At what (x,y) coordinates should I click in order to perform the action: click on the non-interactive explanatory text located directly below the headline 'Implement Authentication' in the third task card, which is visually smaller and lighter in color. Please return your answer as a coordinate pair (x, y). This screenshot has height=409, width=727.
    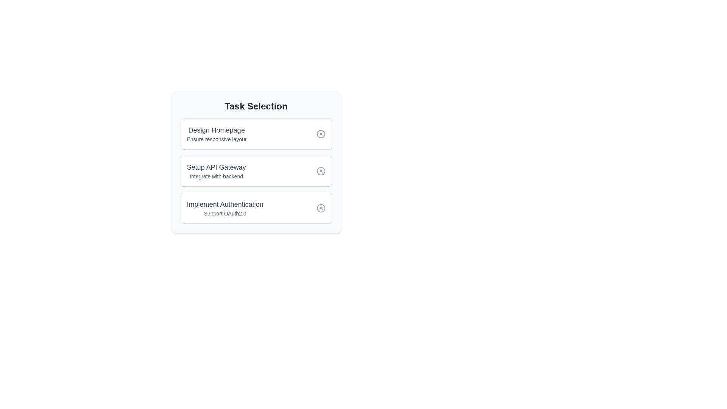
    Looking at the image, I should click on (225, 213).